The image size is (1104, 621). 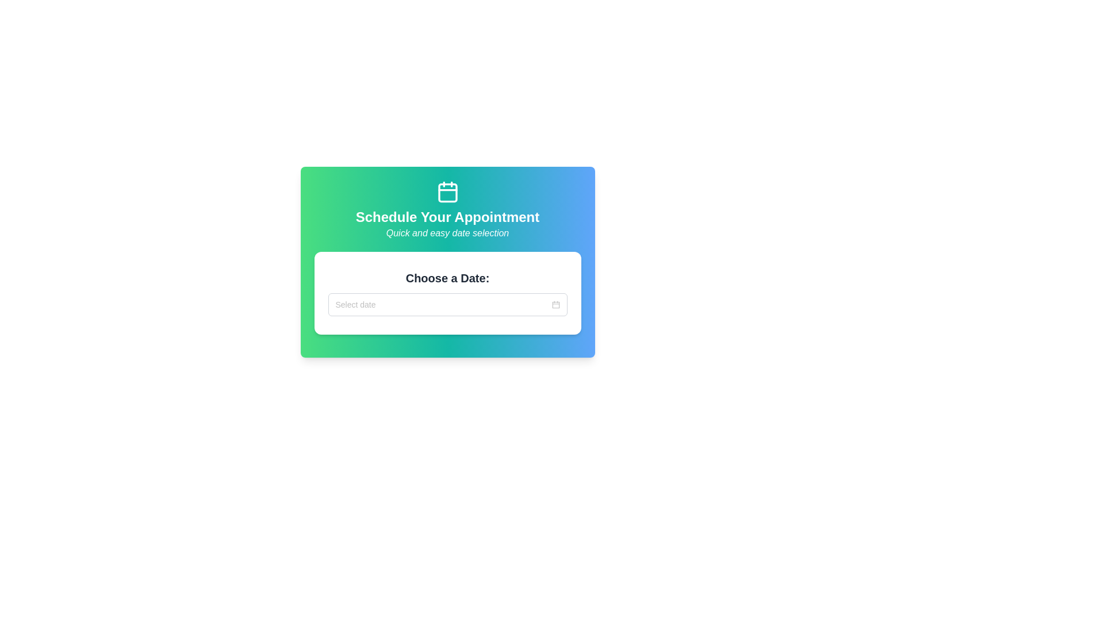 I want to click on the text label displaying 'Quick and easy date selection' that is positioned below the heading 'Schedule Your Appointment', so click(x=447, y=233).